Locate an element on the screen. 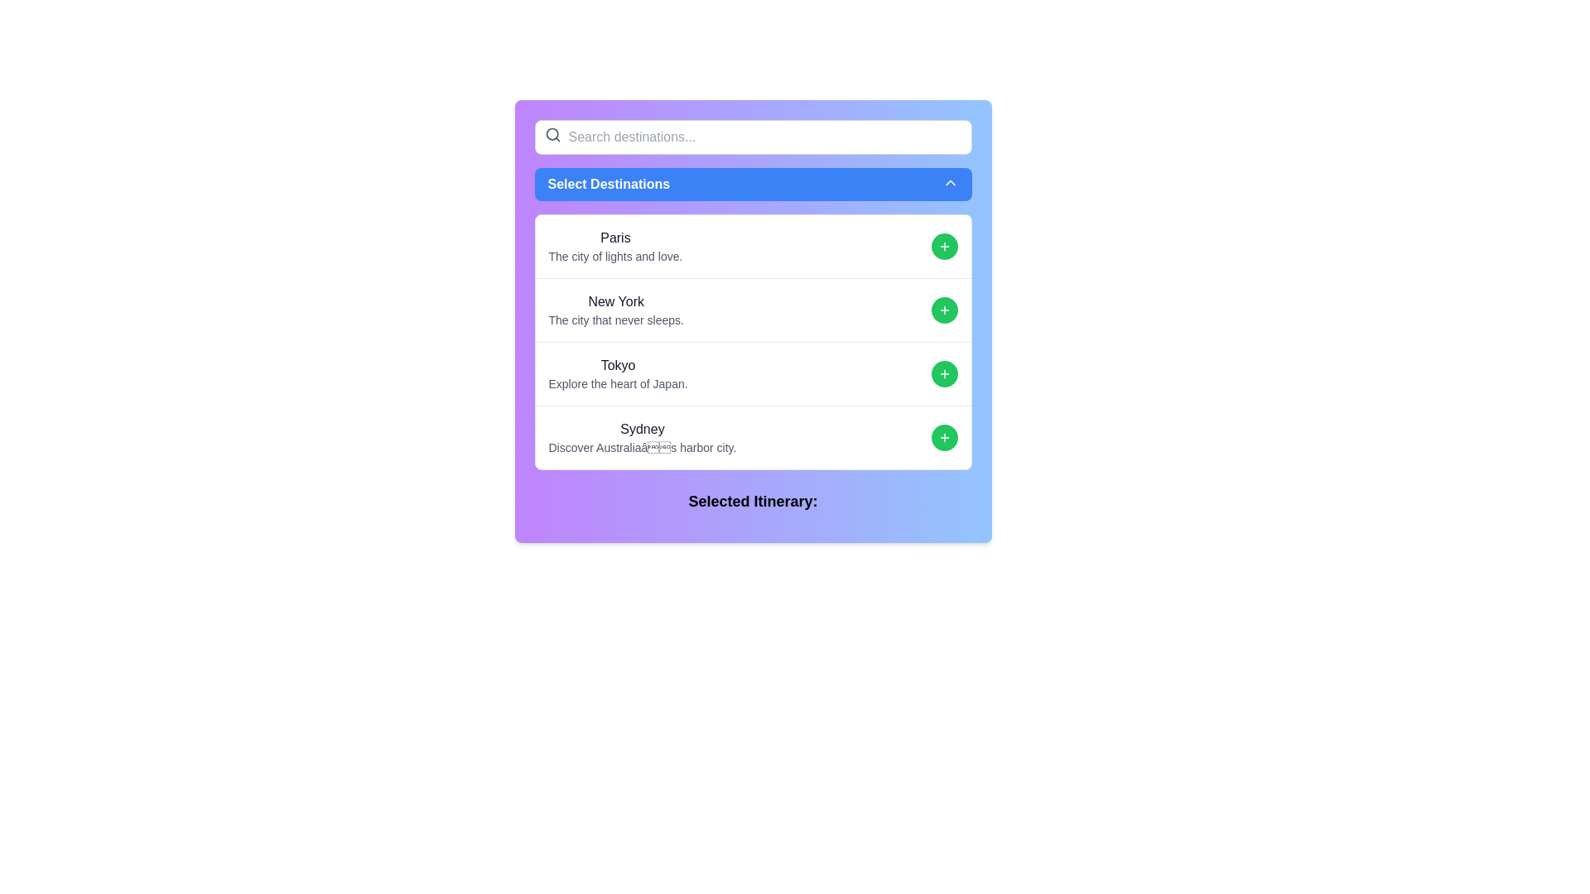 This screenshot has width=1590, height=894. the circular green button with a white '+' icon, located at the rightmost position of the row containing 'New York' is located at coordinates (944, 310).